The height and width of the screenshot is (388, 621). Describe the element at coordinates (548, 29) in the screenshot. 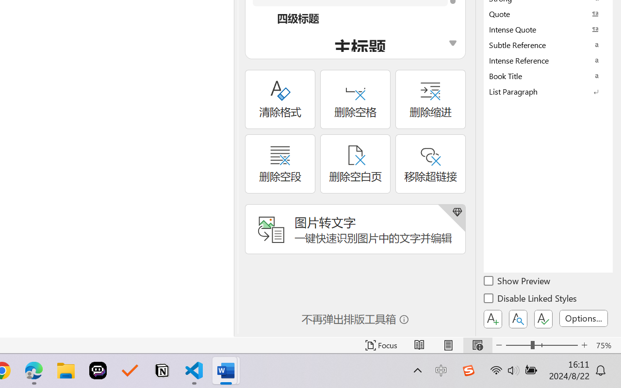

I see `'Intense Quote'` at that location.